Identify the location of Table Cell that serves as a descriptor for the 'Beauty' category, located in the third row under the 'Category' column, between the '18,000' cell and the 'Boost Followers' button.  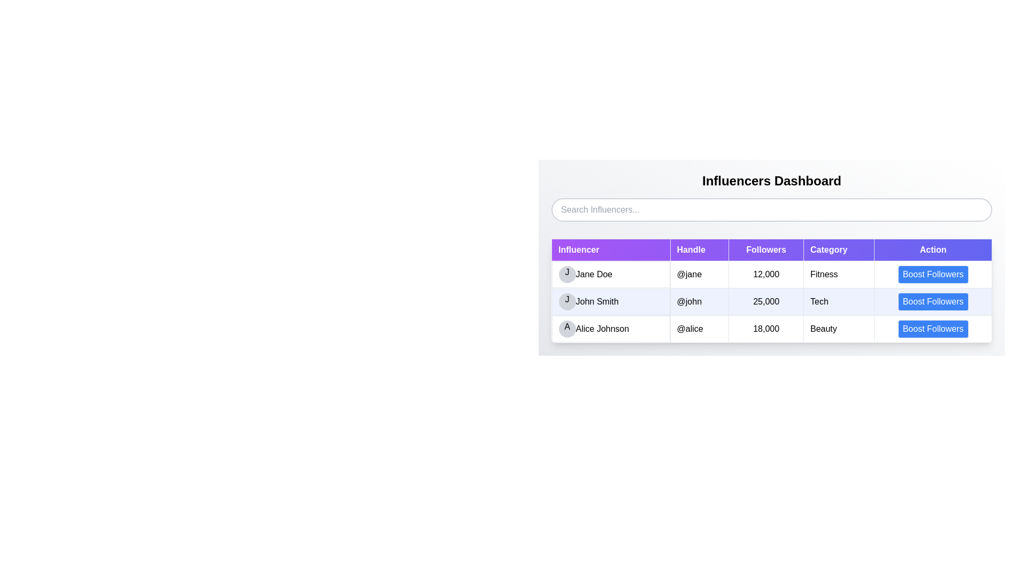
(838, 329).